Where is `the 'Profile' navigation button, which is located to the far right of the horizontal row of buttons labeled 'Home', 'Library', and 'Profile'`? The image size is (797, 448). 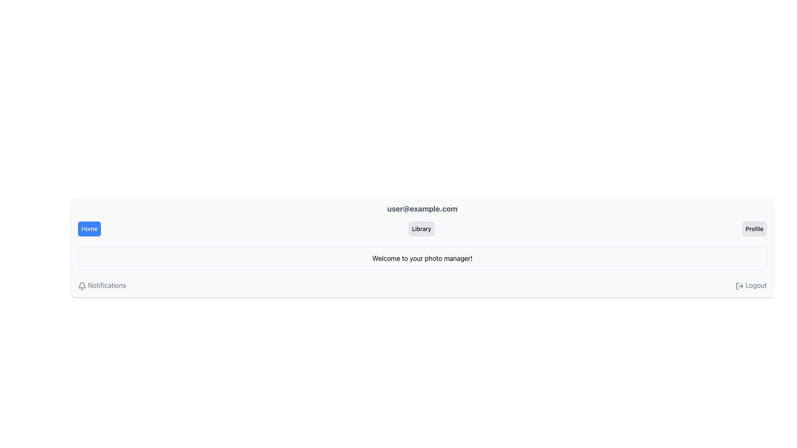
the 'Profile' navigation button, which is located to the far right of the horizontal row of buttons labeled 'Home', 'Library', and 'Profile' is located at coordinates (754, 229).